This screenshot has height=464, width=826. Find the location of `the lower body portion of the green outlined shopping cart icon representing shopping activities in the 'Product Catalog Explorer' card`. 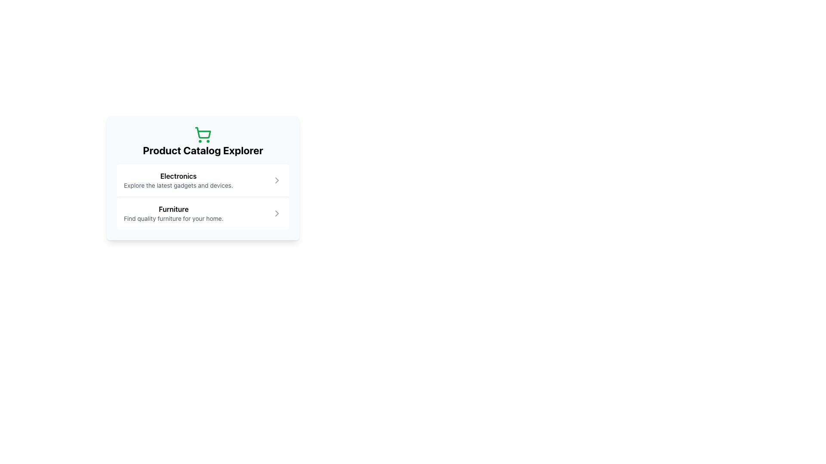

the lower body portion of the green outlined shopping cart icon representing shopping activities in the 'Product Catalog Explorer' card is located at coordinates (203, 133).